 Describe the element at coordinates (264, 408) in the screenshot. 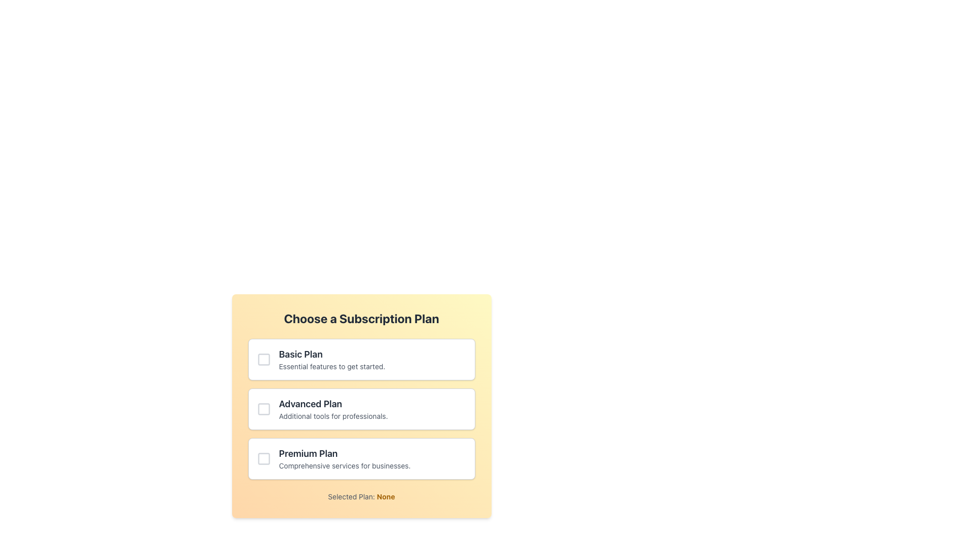

I see `the checkbox icon for the 'Advanced Plan' subscription option` at that location.